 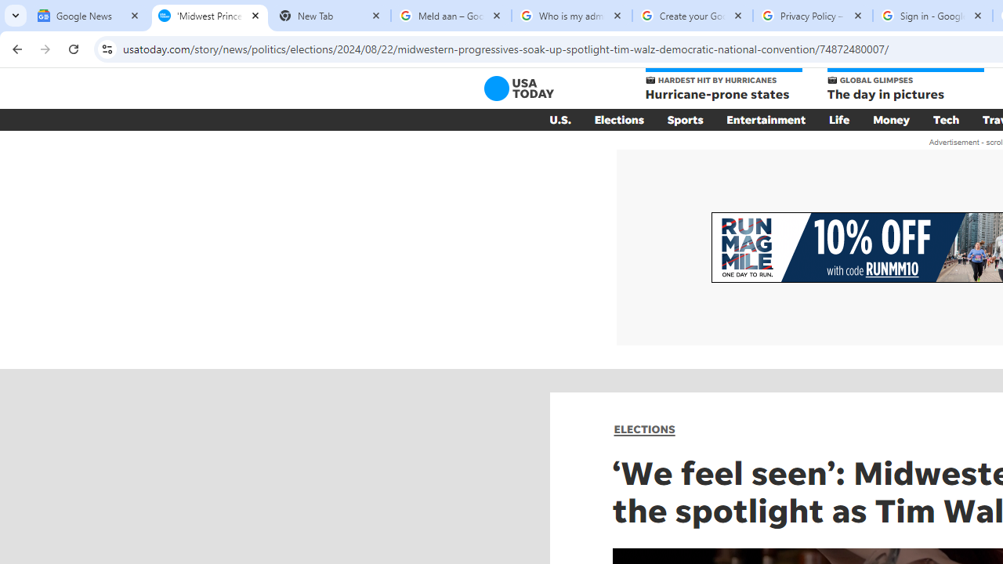 What do you see at coordinates (945, 119) in the screenshot?
I see `'Tech'` at bounding box center [945, 119].